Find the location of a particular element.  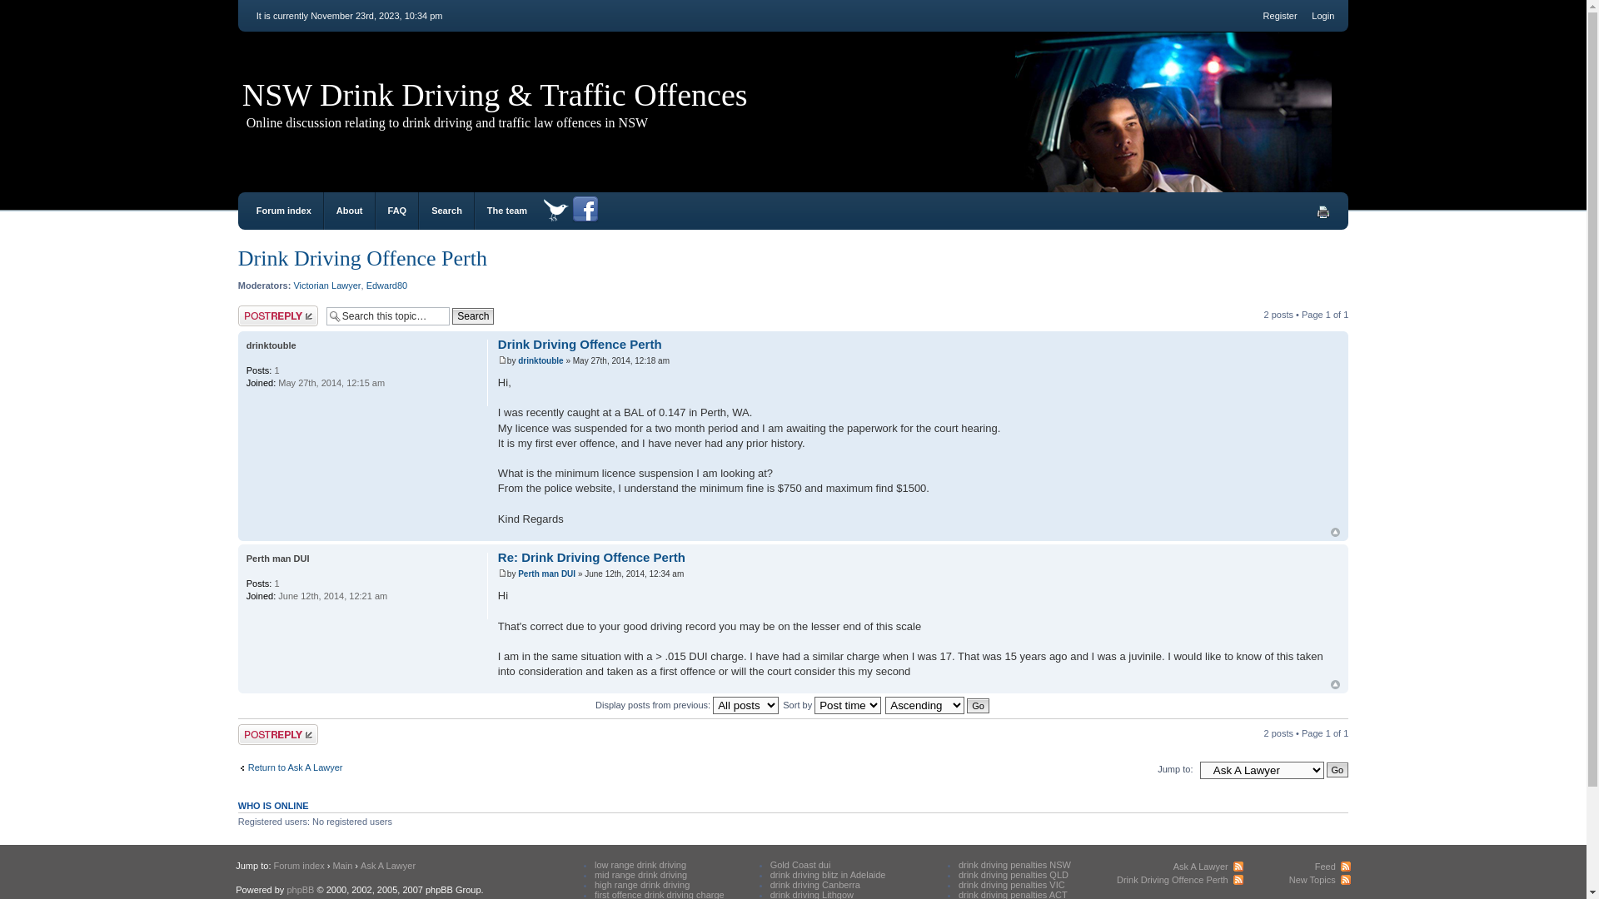

'Login' is located at coordinates (1310, 16).